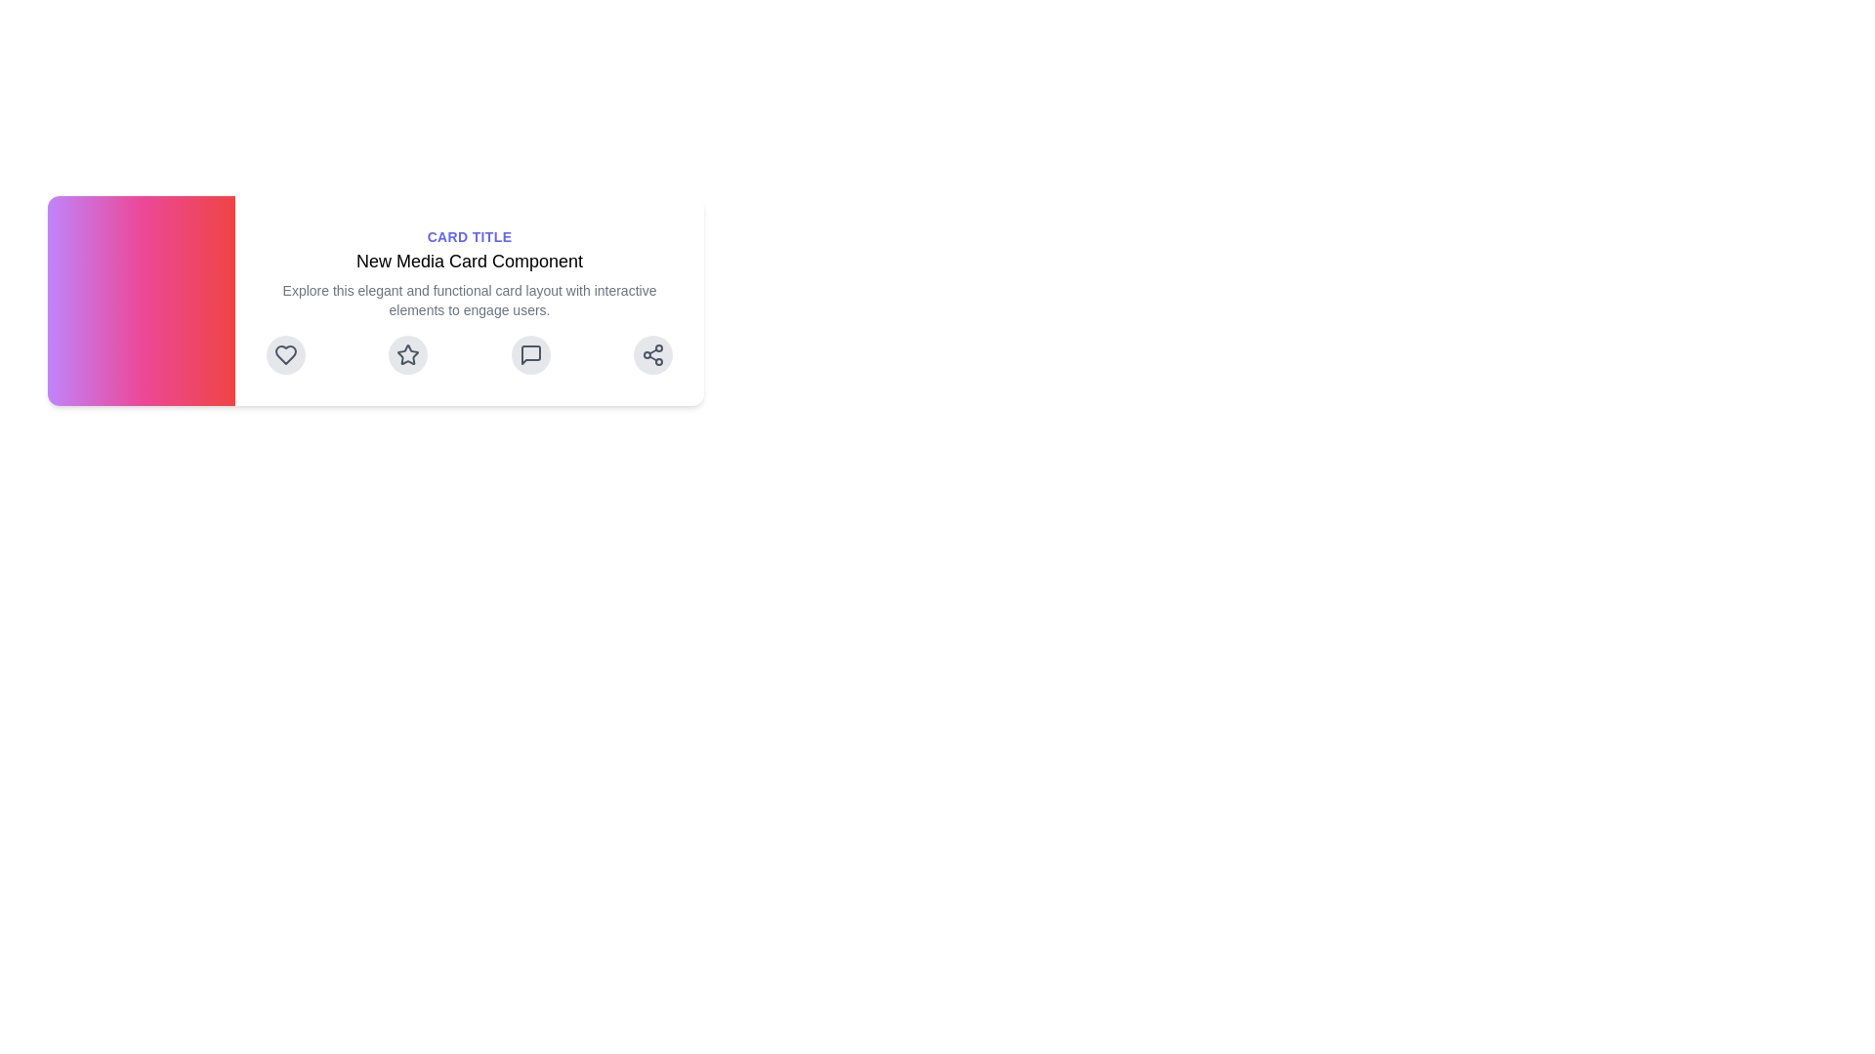 This screenshot has width=1875, height=1054. I want to click on the Heart icon, which is the leftmost icon in a row of four icons under a text card, so click(284, 354).